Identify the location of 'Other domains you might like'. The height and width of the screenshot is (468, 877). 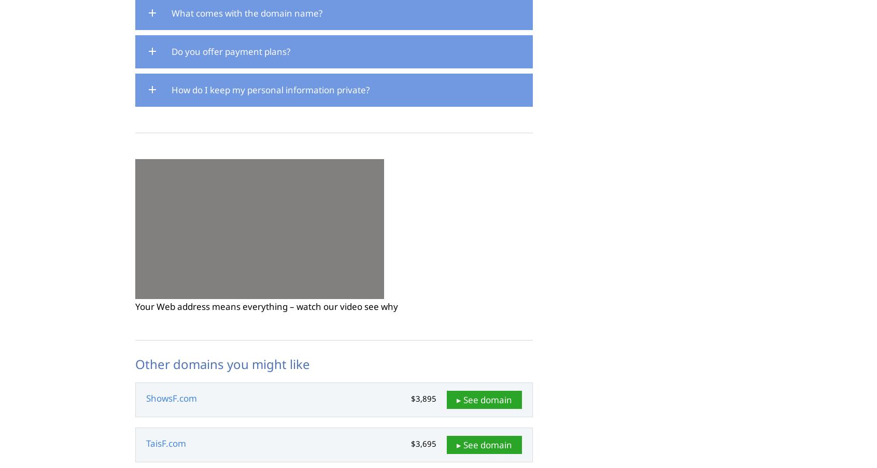
(222, 363).